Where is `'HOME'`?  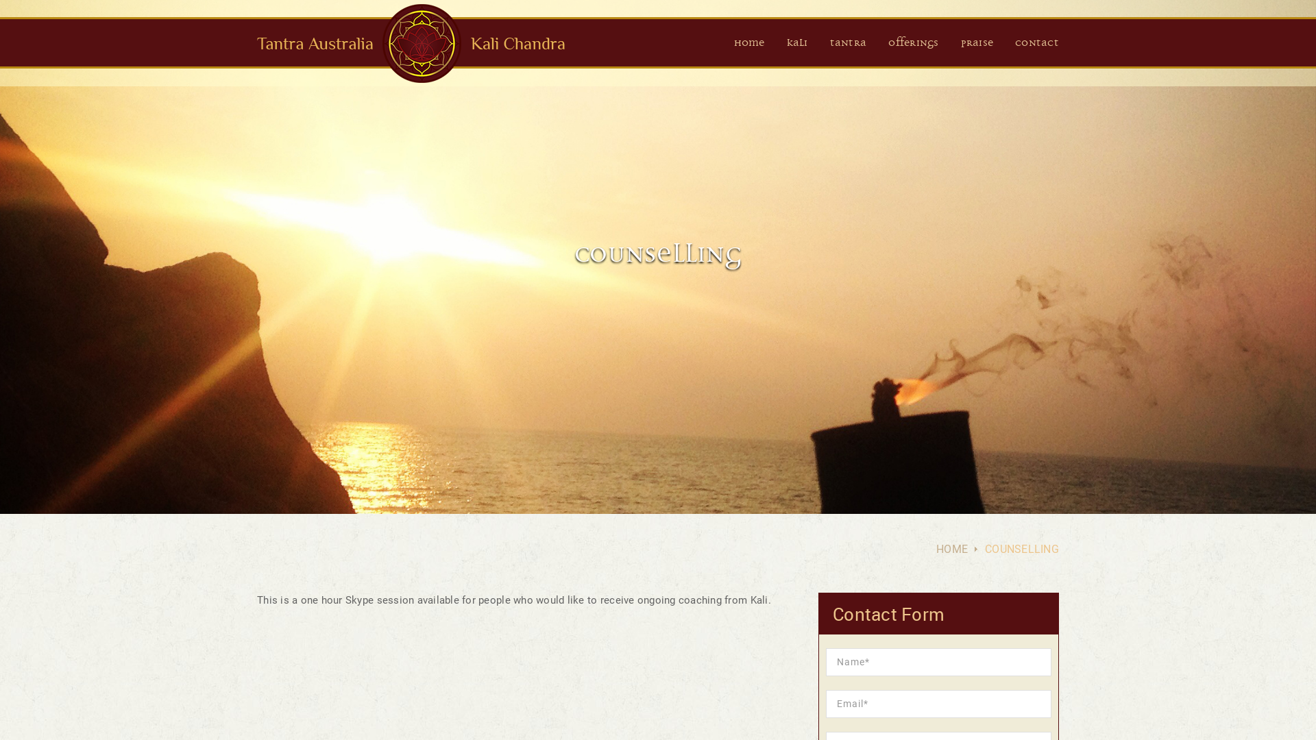
'HOME' is located at coordinates (748, 43).